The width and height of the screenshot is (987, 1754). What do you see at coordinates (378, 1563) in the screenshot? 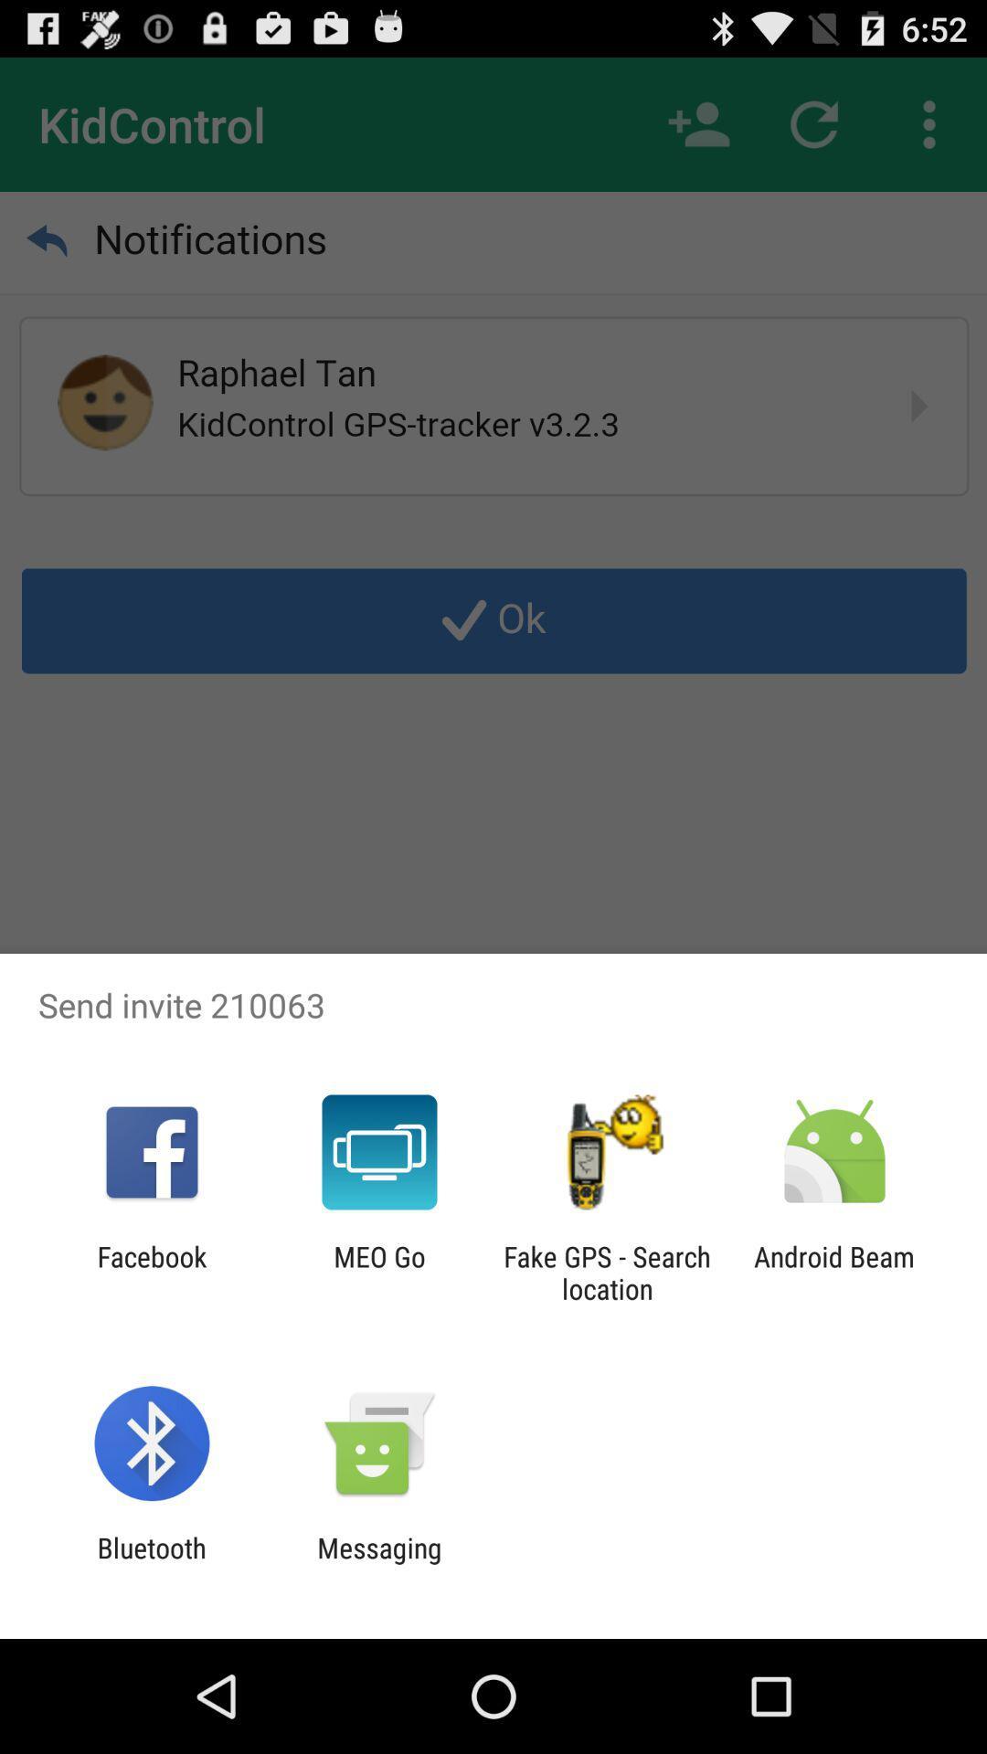
I see `item to the right of bluetooth` at bounding box center [378, 1563].